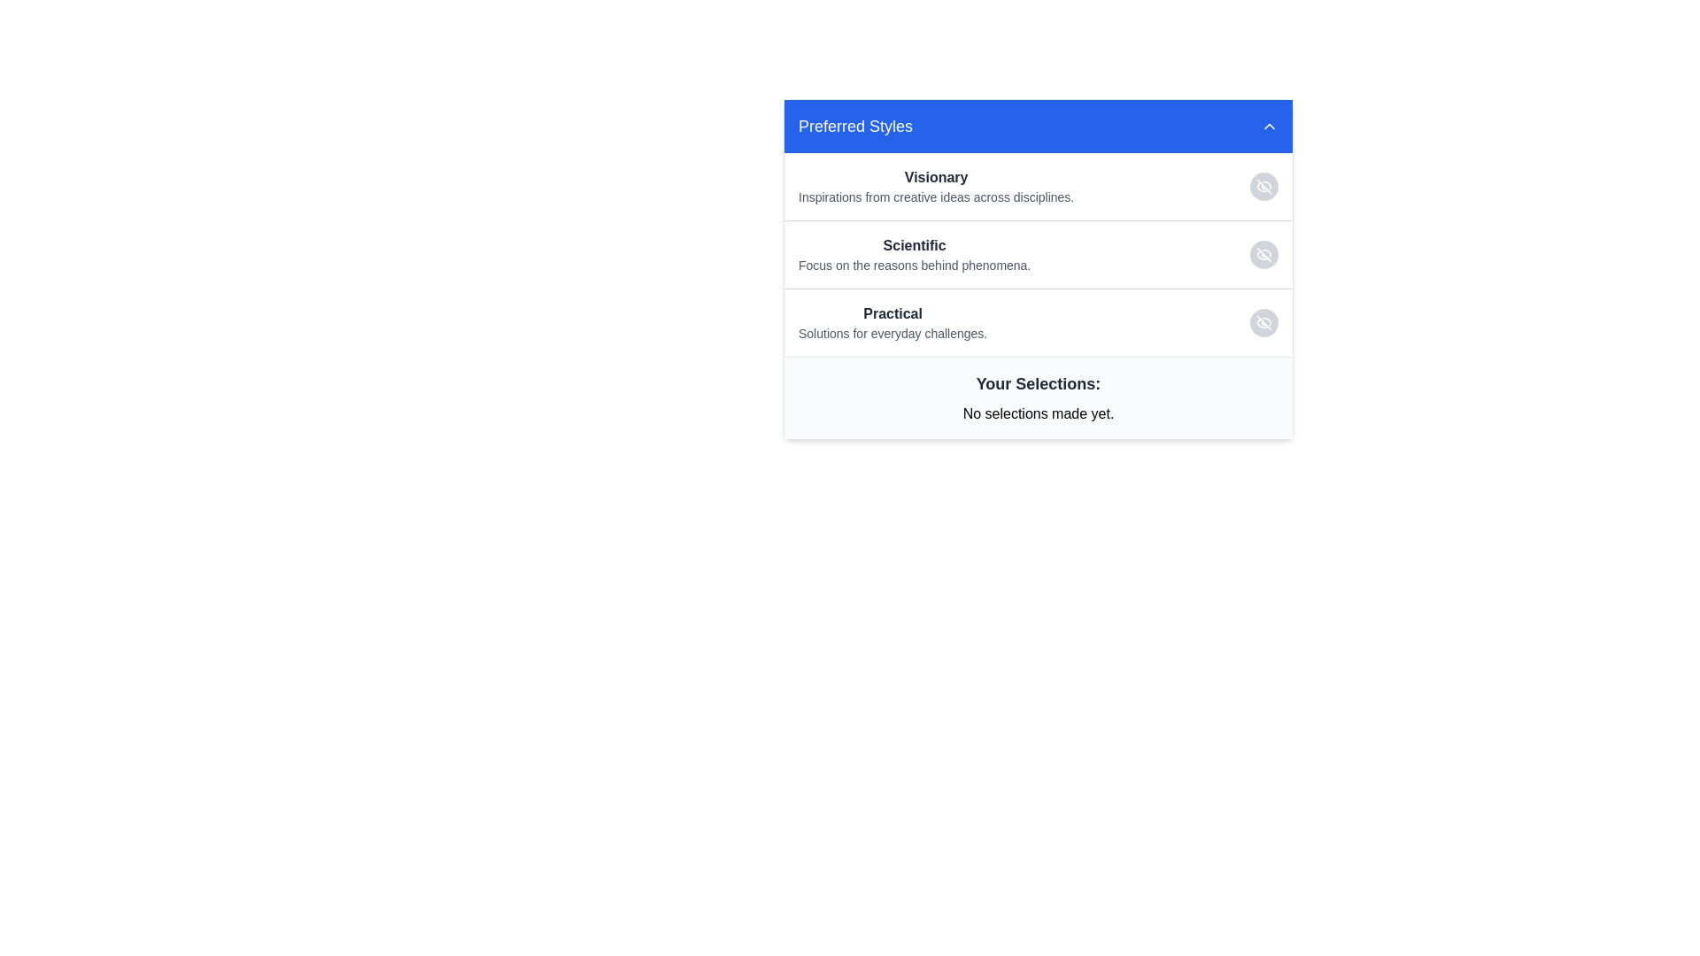 This screenshot has height=956, width=1700. Describe the element at coordinates (892, 334) in the screenshot. I see `the textual label displaying 'Solutions for everyday challenges.' located in the 'Practical' section of the 'Preferred Styles' list, positioned in the third row` at that location.